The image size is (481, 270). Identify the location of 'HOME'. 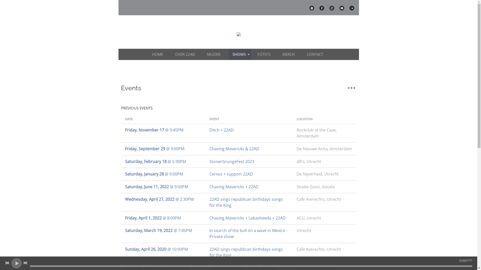
(158, 54).